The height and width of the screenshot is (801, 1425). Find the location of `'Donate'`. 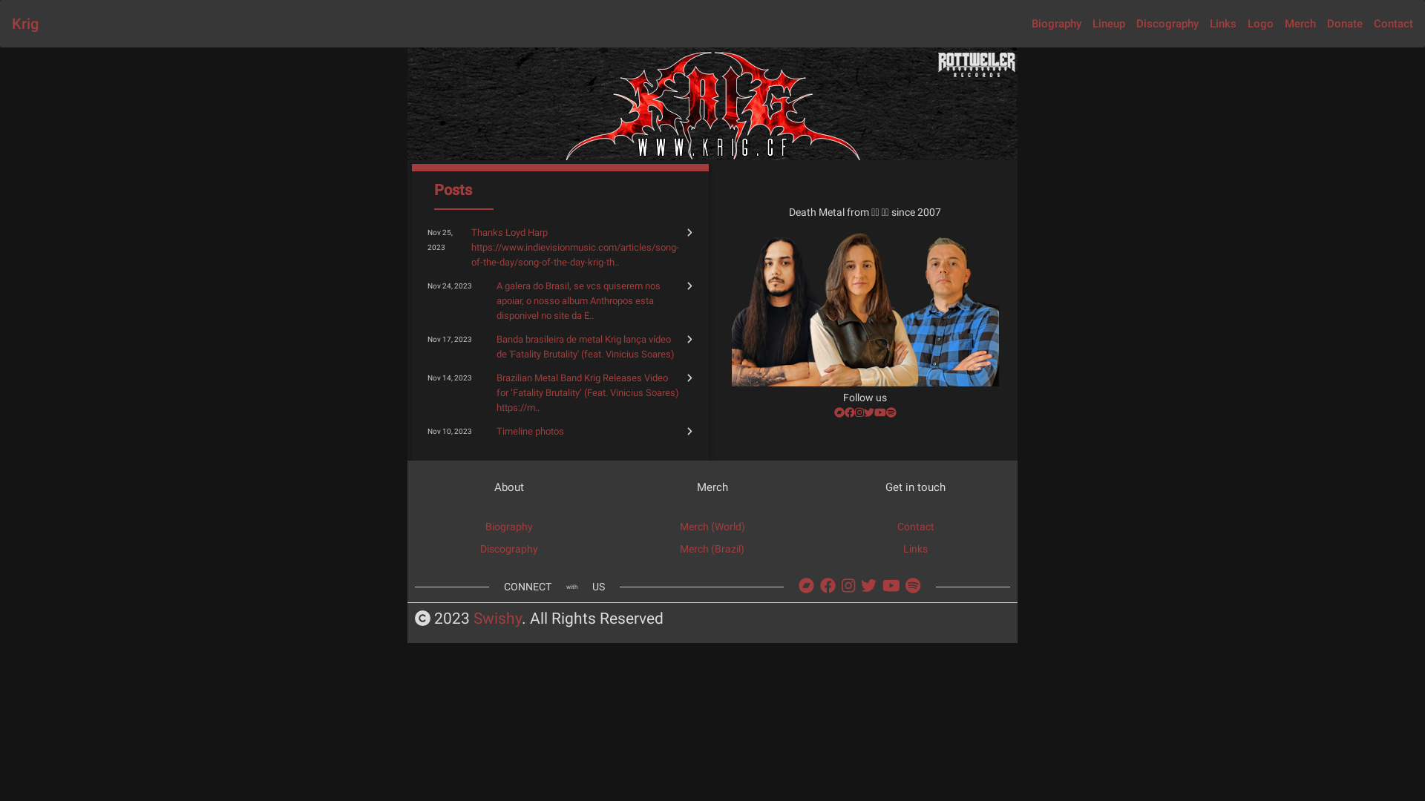

'Donate' is located at coordinates (1345, 23).